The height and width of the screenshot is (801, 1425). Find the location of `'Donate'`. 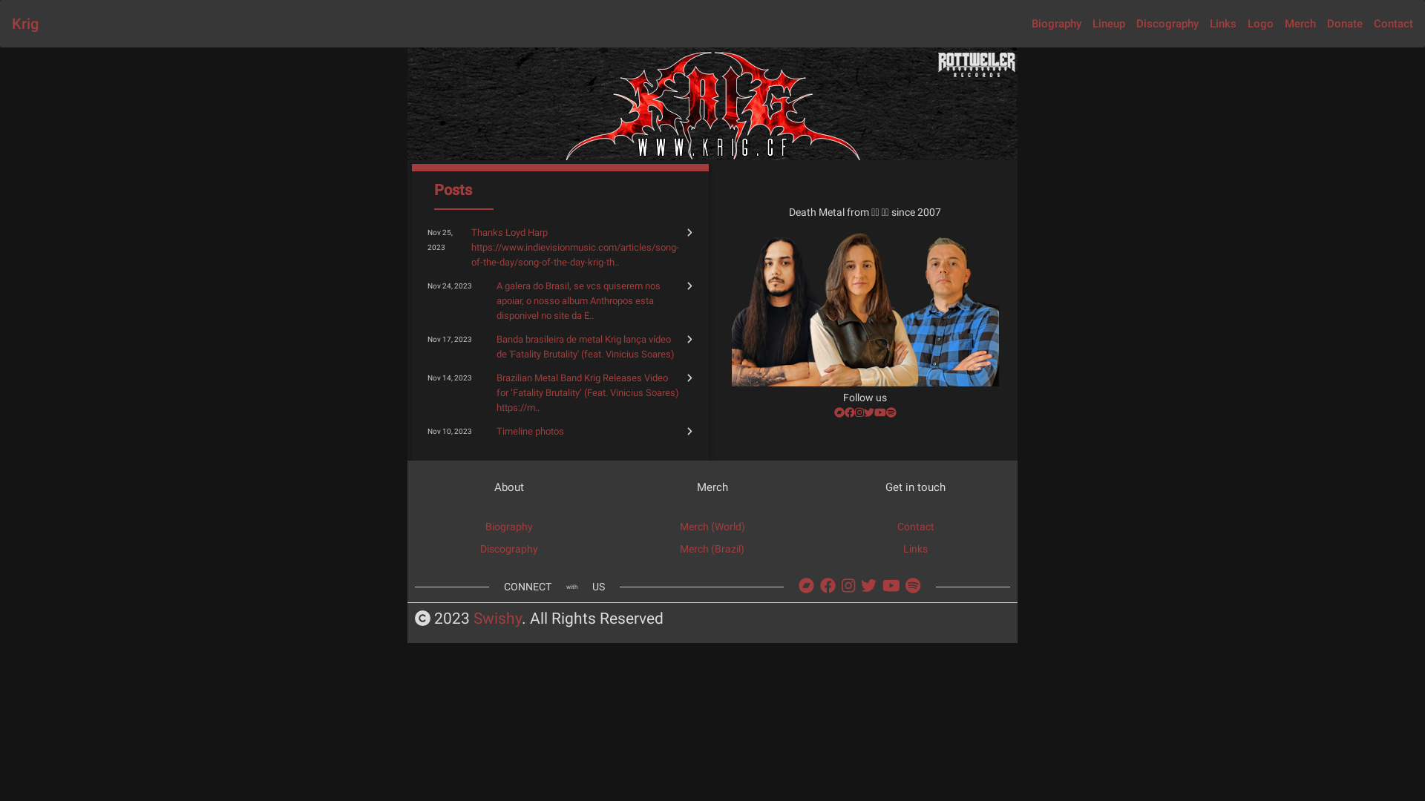

'Donate' is located at coordinates (1345, 23).